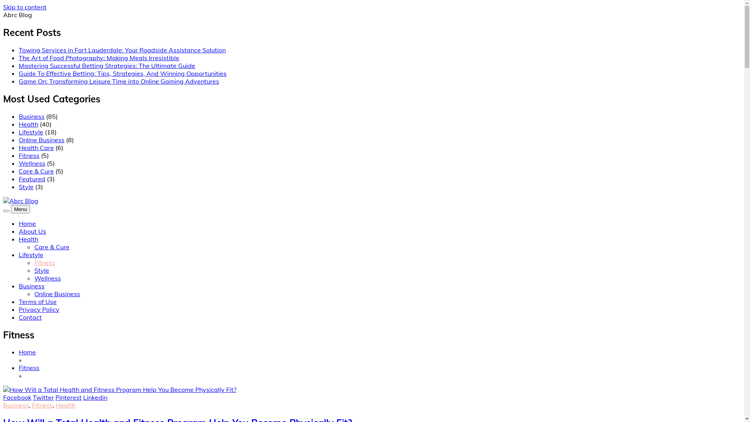 Image resolution: width=750 pixels, height=422 pixels. What do you see at coordinates (83, 397) in the screenshot?
I see `'Linkedin'` at bounding box center [83, 397].